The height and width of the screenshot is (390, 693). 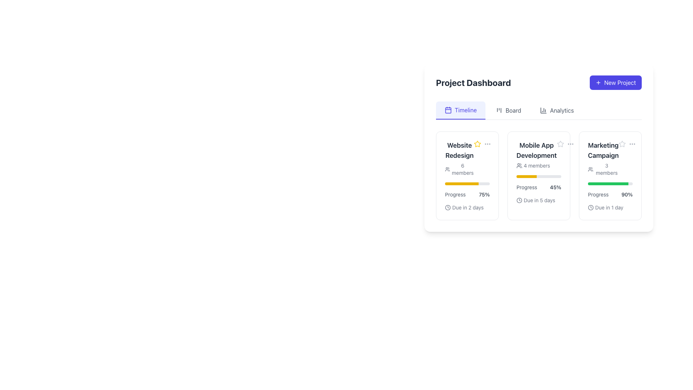 What do you see at coordinates (539, 189) in the screenshot?
I see `the progress details of the progress indicator located in the 'Mobile App Development' card, which includes the progress bar, percentage completion, and due date` at bounding box center [539, 189].